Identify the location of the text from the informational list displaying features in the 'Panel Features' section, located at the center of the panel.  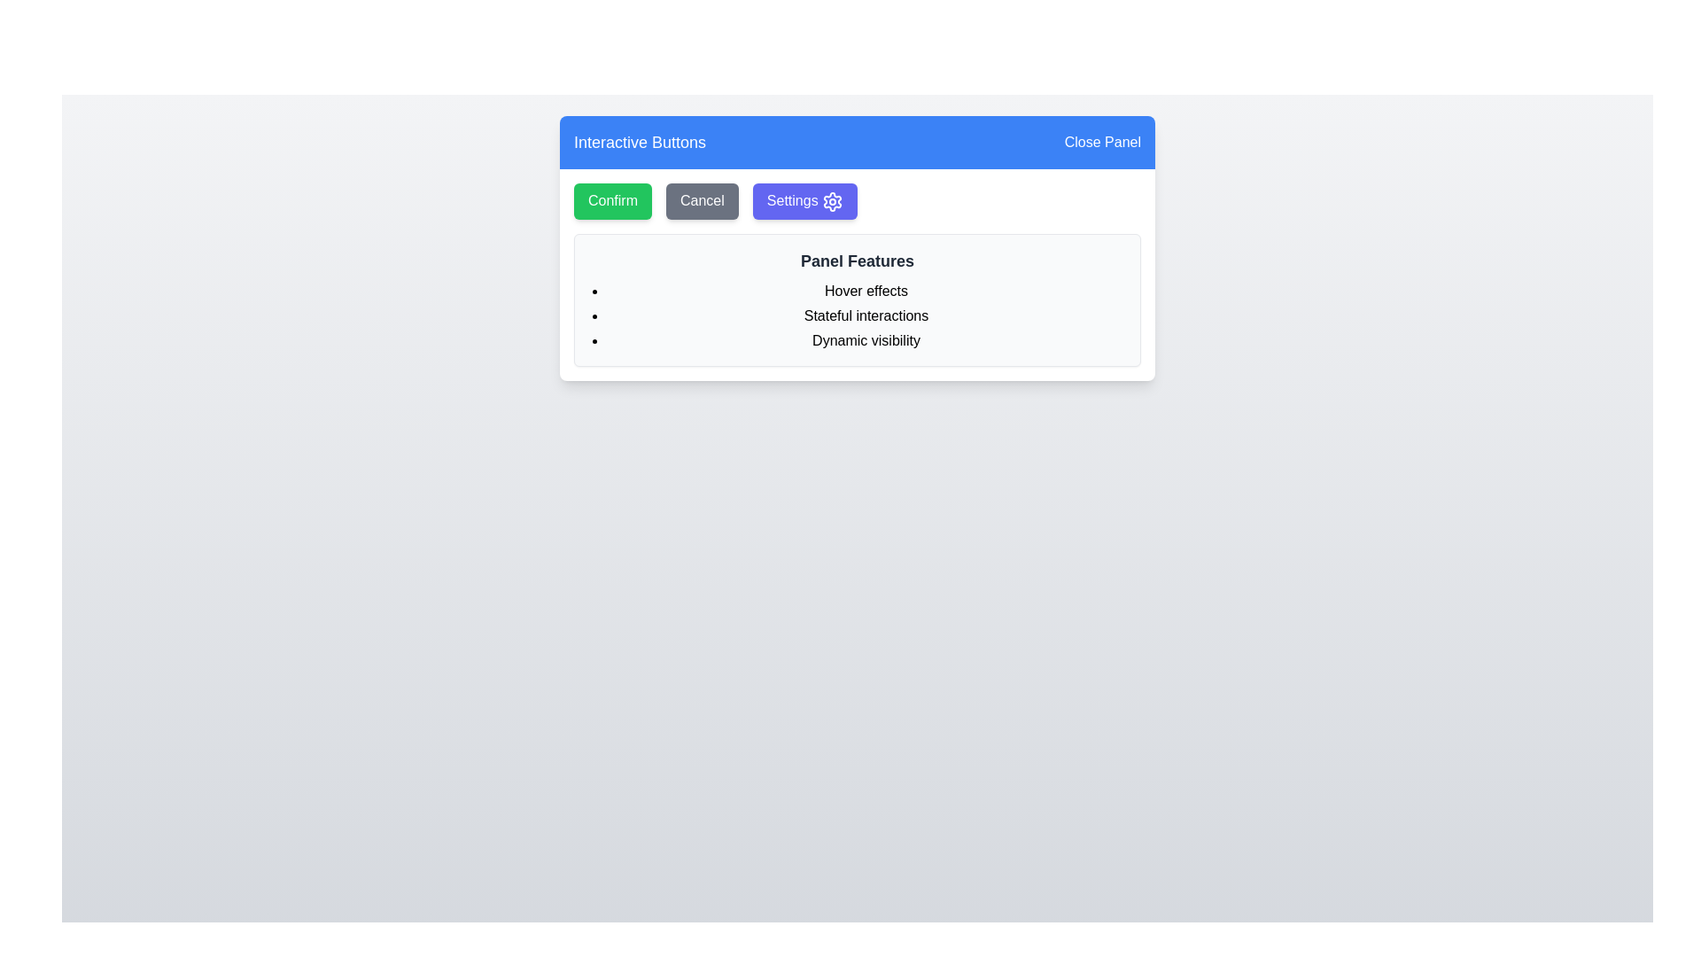
(858, 314).